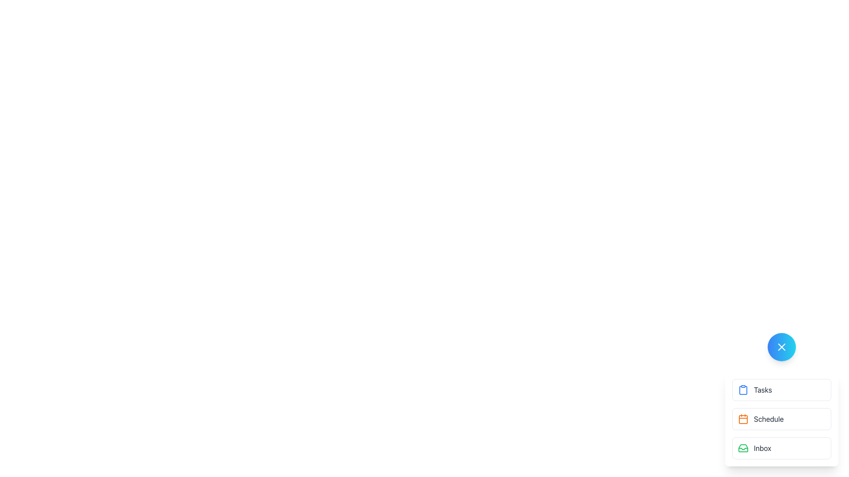  What do you see at coordinates (781, 418) in the screenshot?
I see `the 'Schedule' option from the menu, which is the second entry in a vertically aligned list, positioned below 'Tasks' and above 'Inbox'` at bounding box center [781, 418].